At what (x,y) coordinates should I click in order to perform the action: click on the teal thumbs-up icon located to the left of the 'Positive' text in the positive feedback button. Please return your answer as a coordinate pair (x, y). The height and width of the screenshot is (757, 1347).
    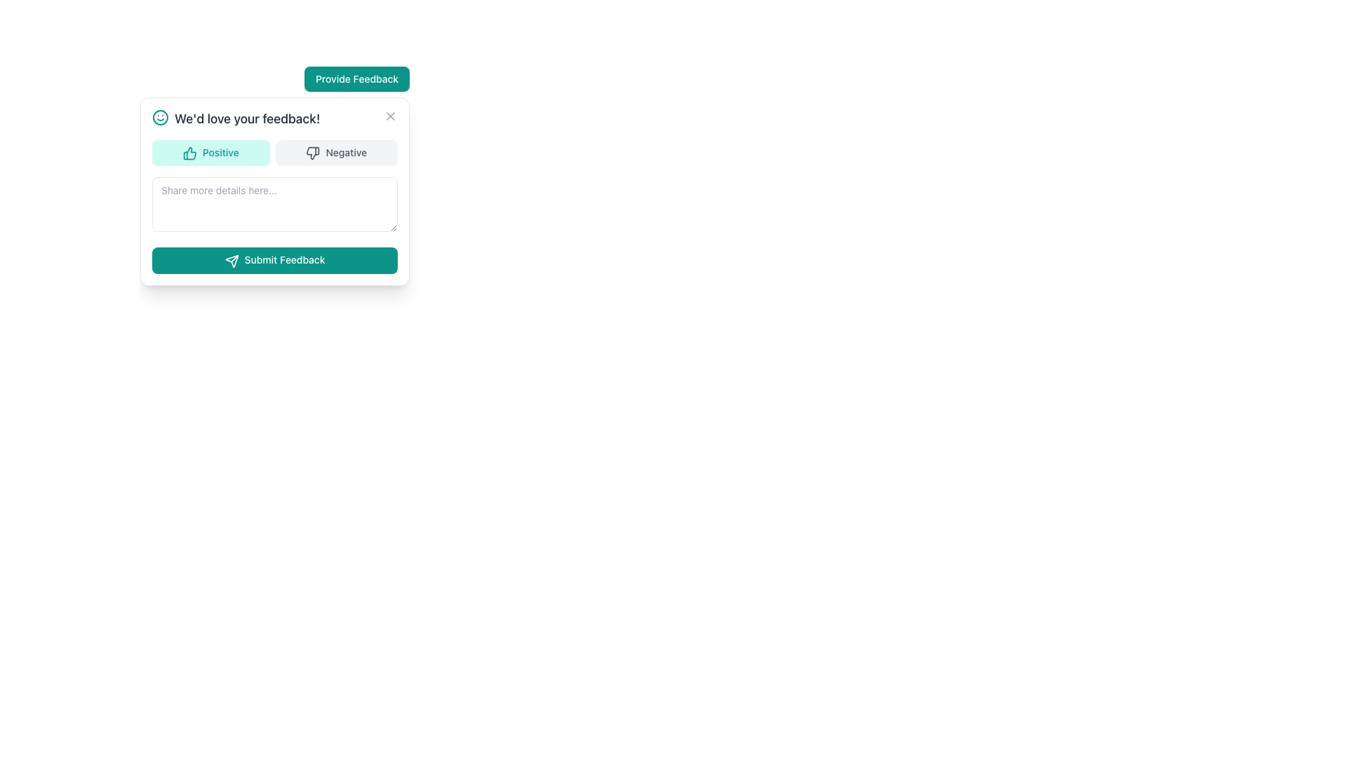
    Looking at the image, I should click on (189, 154).